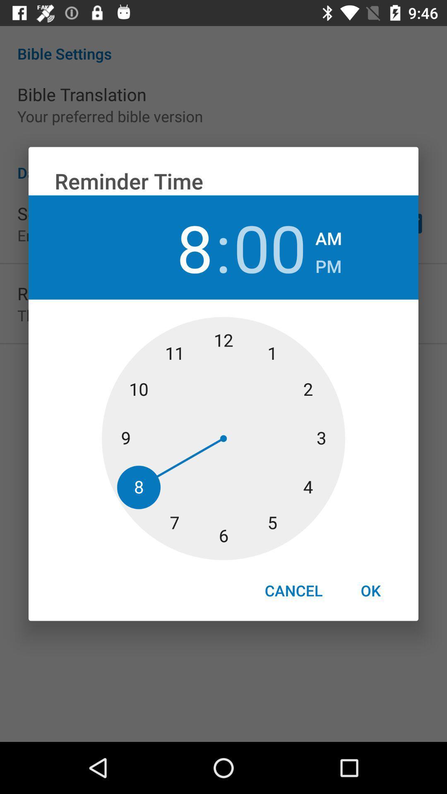 The width and height of the screenshot is (447, 794). Describe the element at coordinates (328, 263) in the screenshot. I see `the pm item` at that location.